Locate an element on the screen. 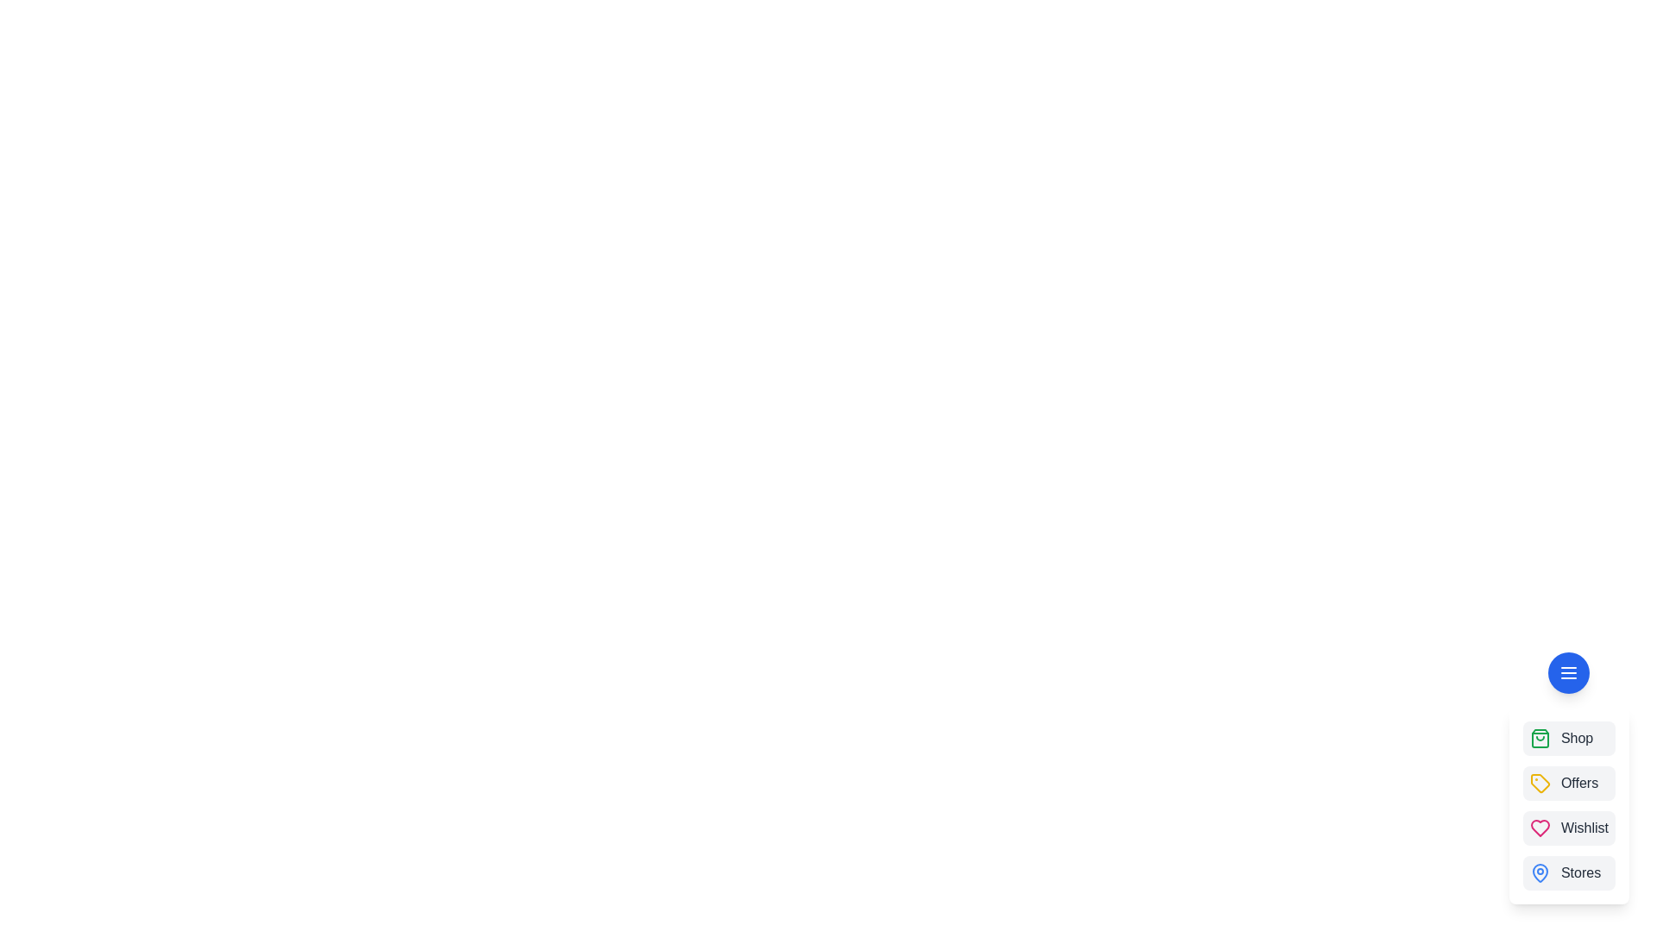 The width and height of the screenshot is (1657, 932). the menu button to toggle the speed dial menu open or closed is located at coordinates (1569, 671).